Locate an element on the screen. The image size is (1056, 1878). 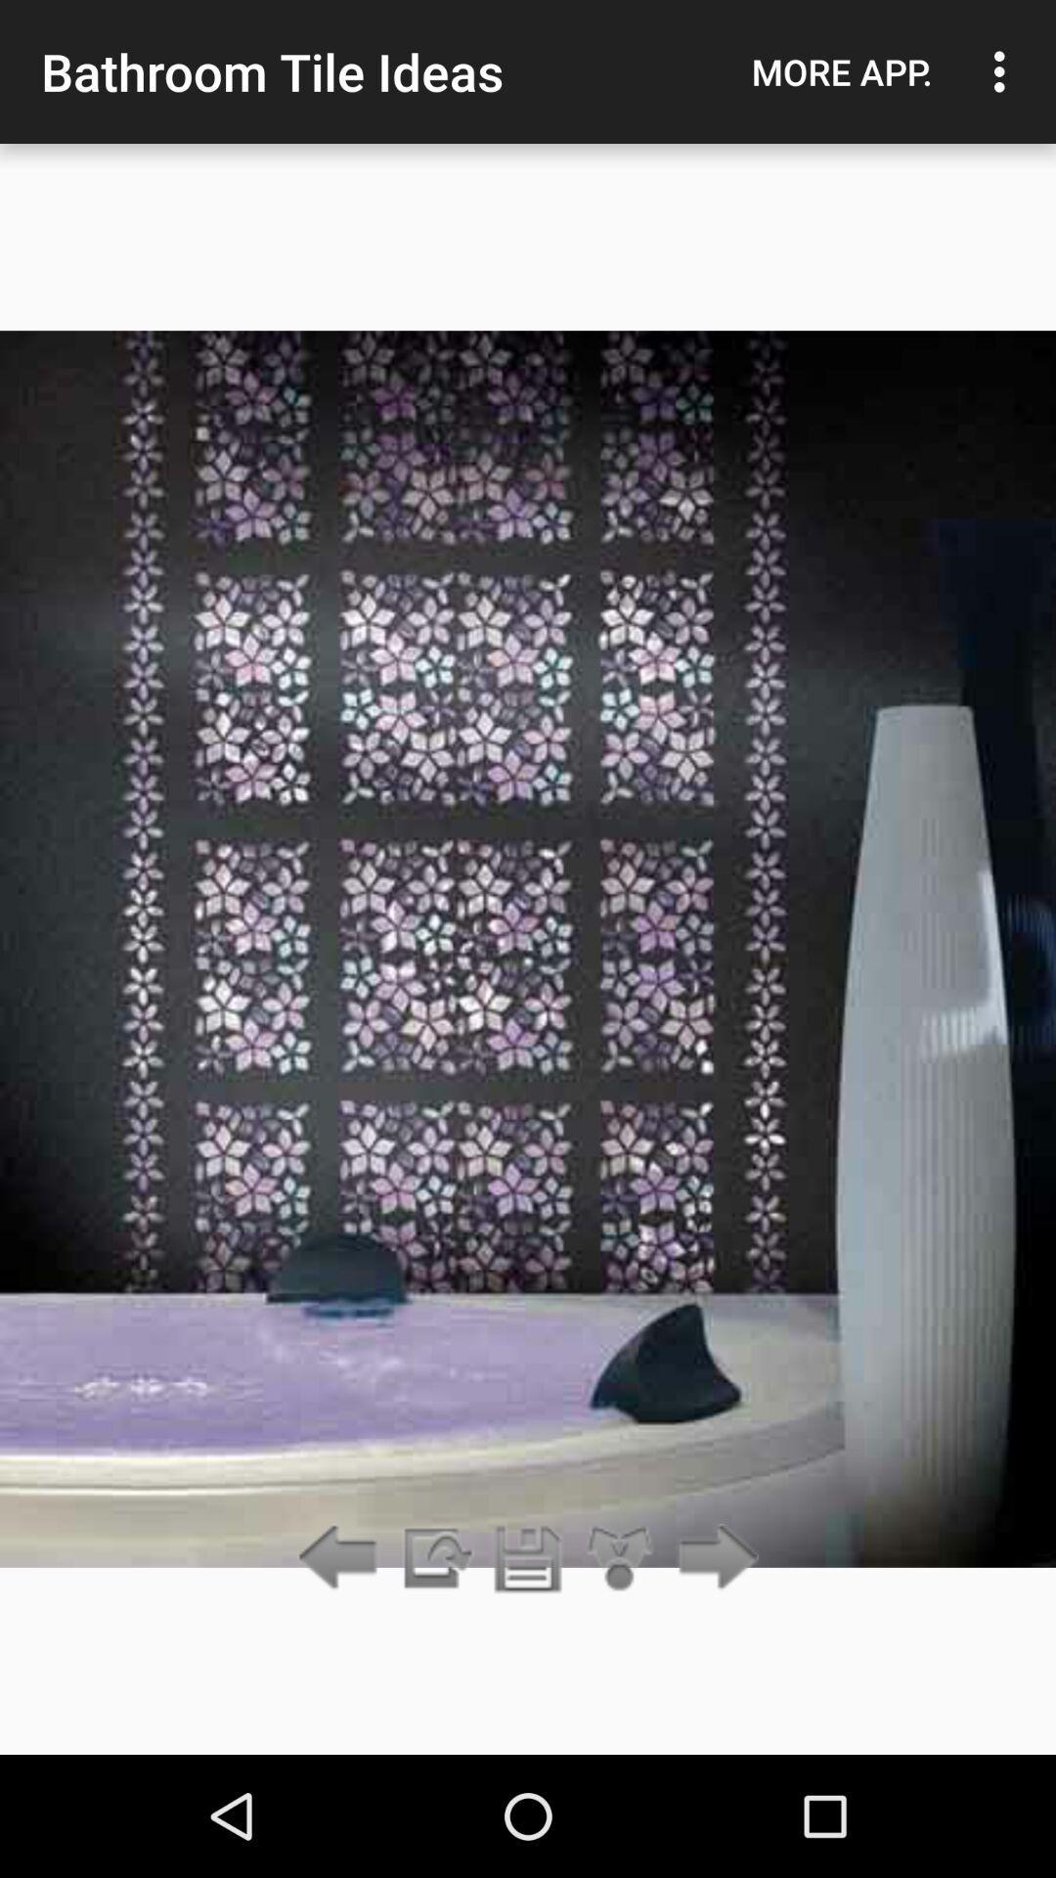
the app next to the bathroom tile ideas app is located at coordinates (841, 71).